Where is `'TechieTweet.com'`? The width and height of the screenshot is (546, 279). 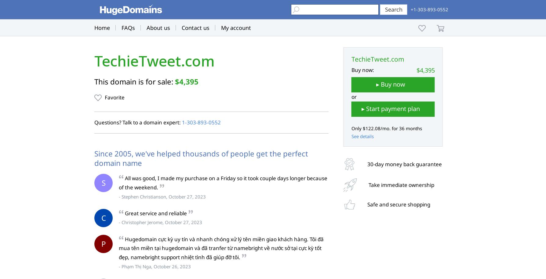 'TechieTweet.com' is located at coordinates (155, 61).